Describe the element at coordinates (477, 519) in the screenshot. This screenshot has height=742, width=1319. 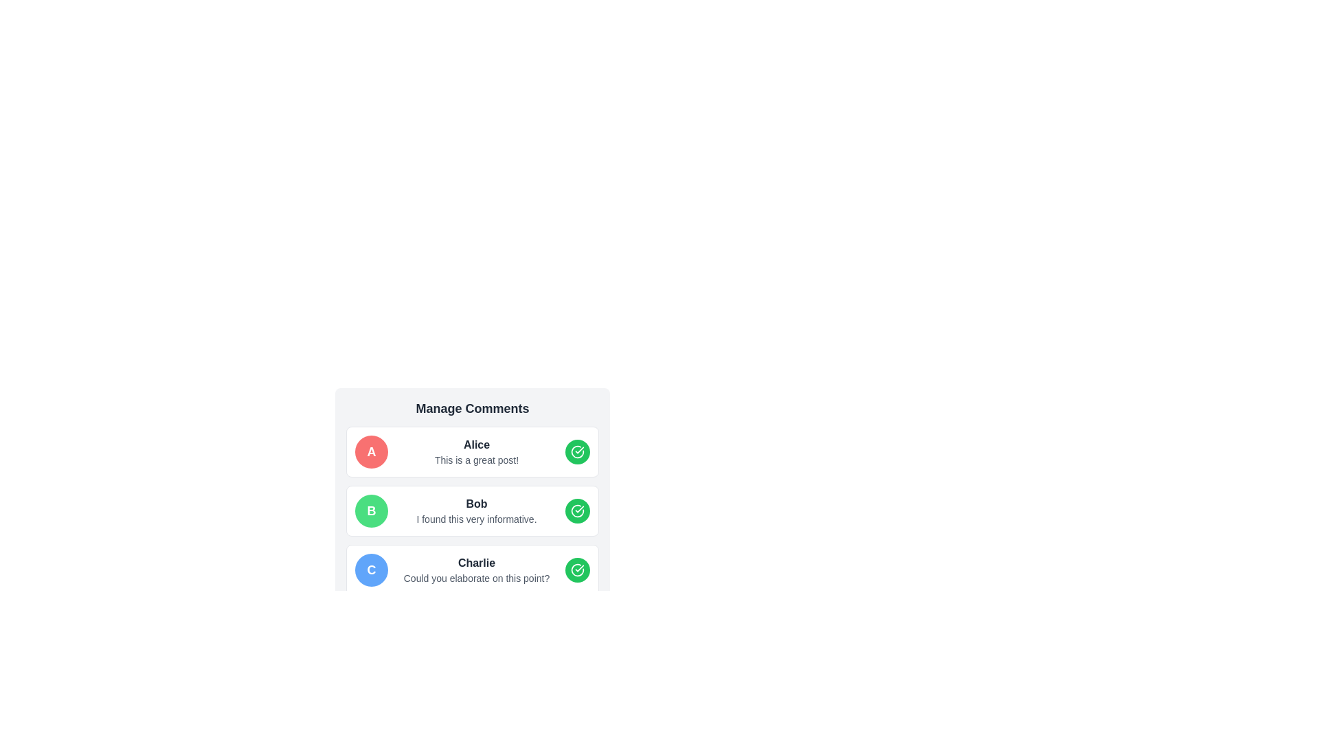
I see `content displayed in the Text Label located below the name 'Bob' in the second comment section of the 'Manage Comments' interface` at that location.